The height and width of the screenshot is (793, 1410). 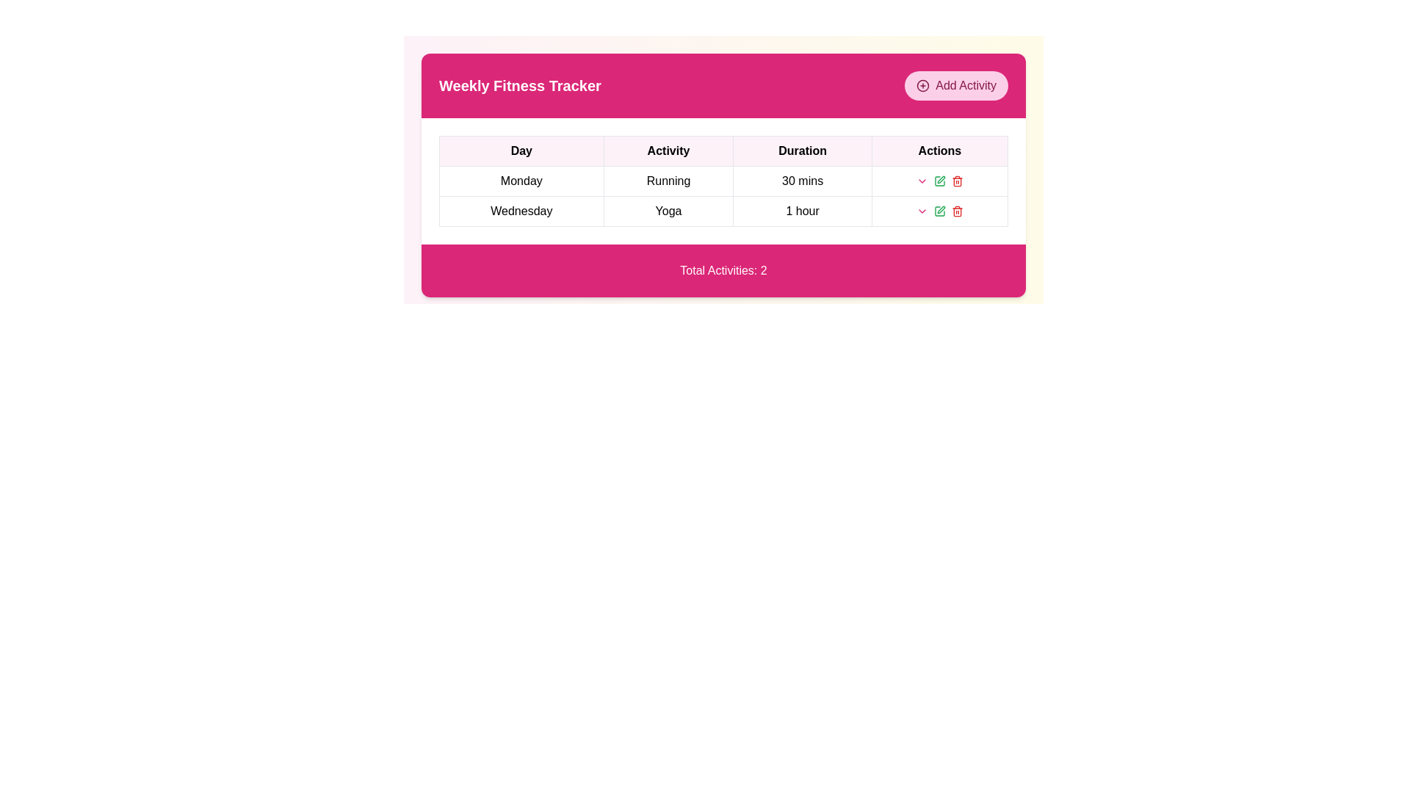 What do you see at coordinates (802, 180) in the screenshot?
I see `the text label displaying '30 mins' in the 'Duration' column of the first row of the table for 'Monday' and 'Running'` at bounding box center [802, 180].